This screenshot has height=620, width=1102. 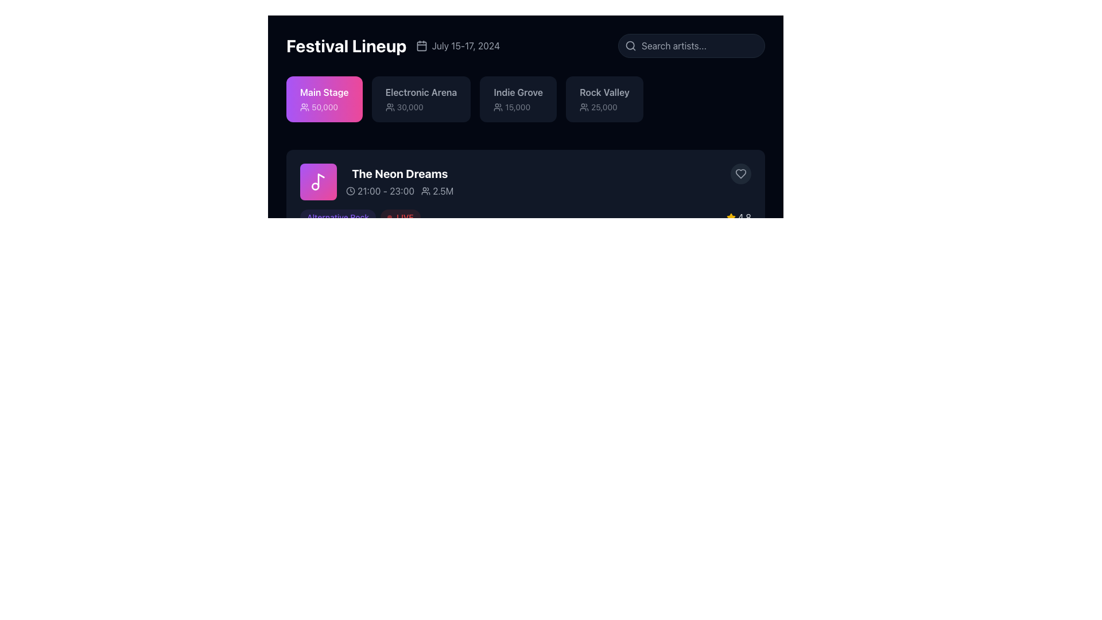 What do you see at coordinates (518, 99) in the screenshot?
I see `the informational label displaying 'Indie Grove' and '15,000', located in the 'Festival Lineup' section as the third box, with a group of people icon below the '15,000' text` at bounding box center [518, 99].